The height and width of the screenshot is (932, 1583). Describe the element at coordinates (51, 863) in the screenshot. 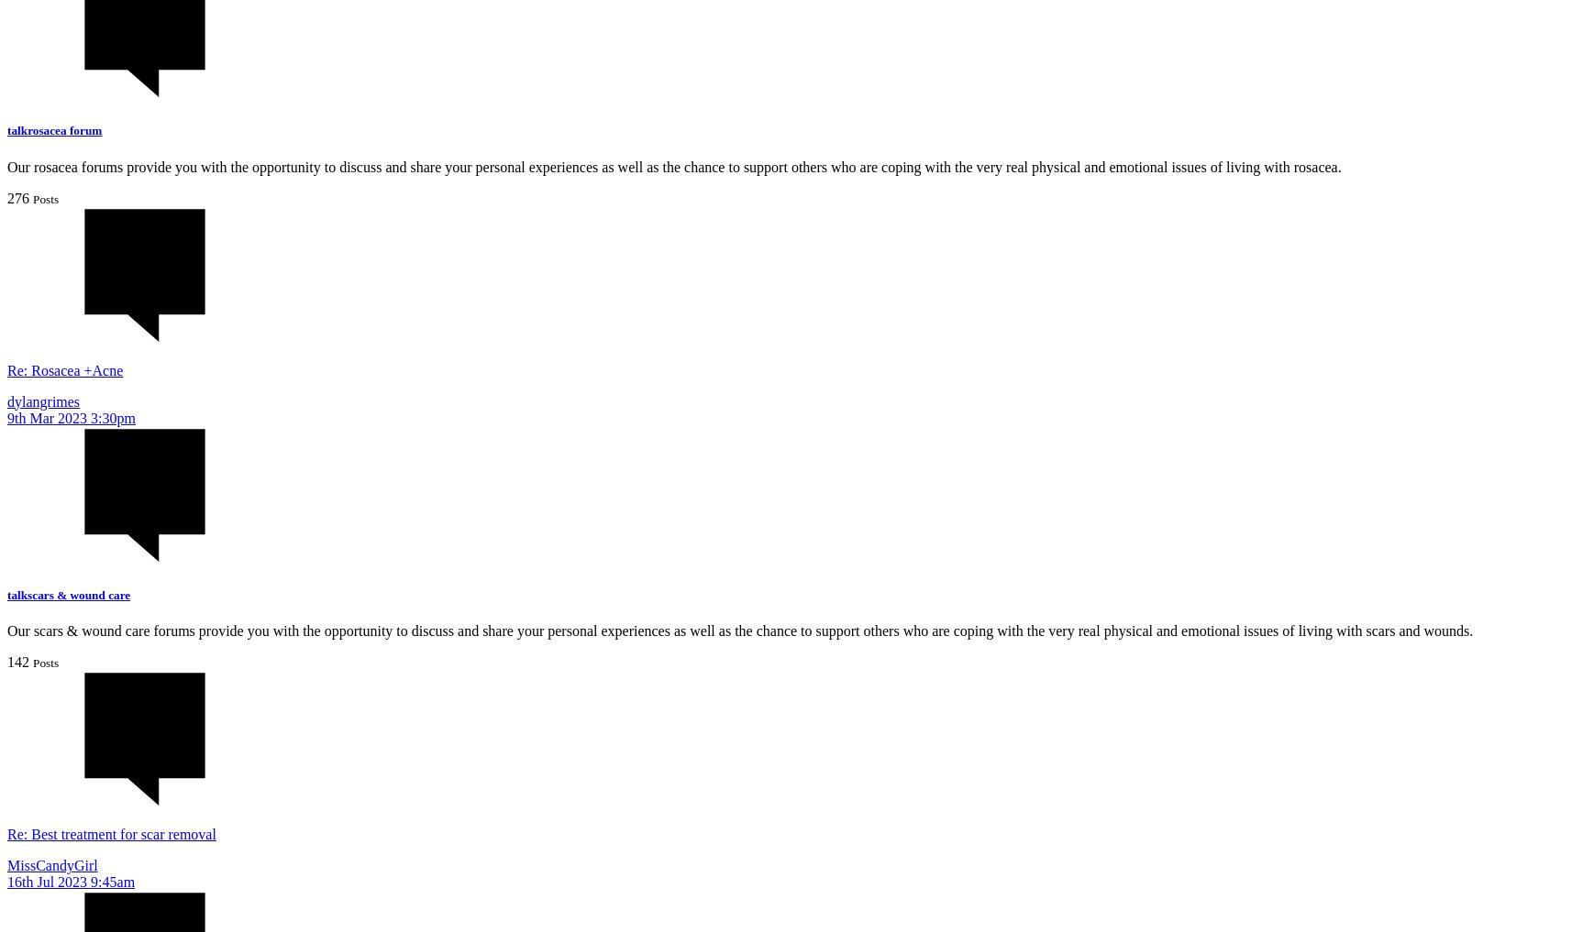

I see `'MissCandyGirl'` at that location.